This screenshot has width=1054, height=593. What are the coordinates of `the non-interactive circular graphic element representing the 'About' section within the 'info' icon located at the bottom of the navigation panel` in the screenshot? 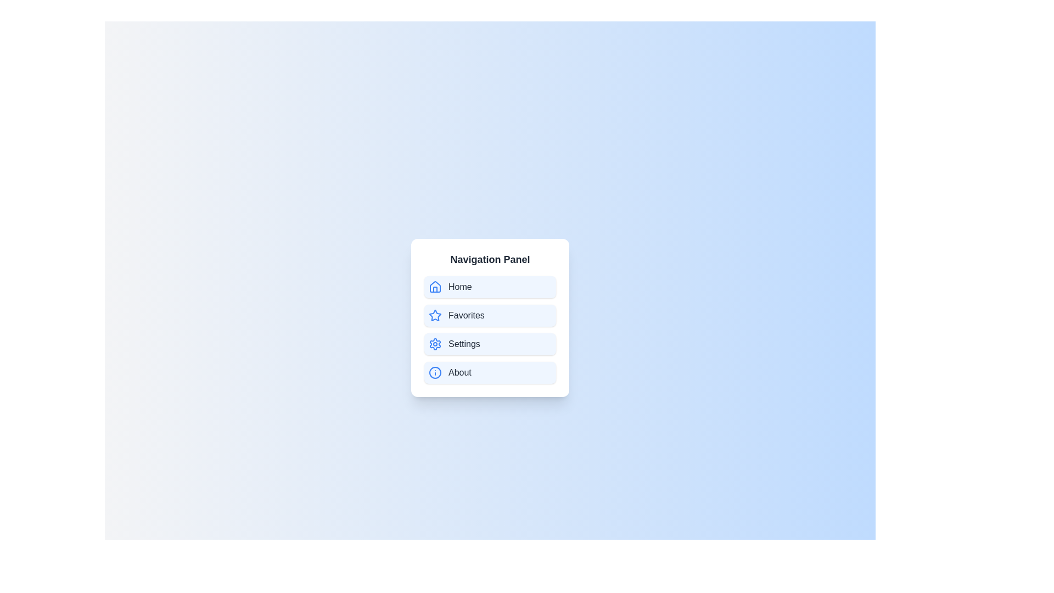 It's located at (434, 372).